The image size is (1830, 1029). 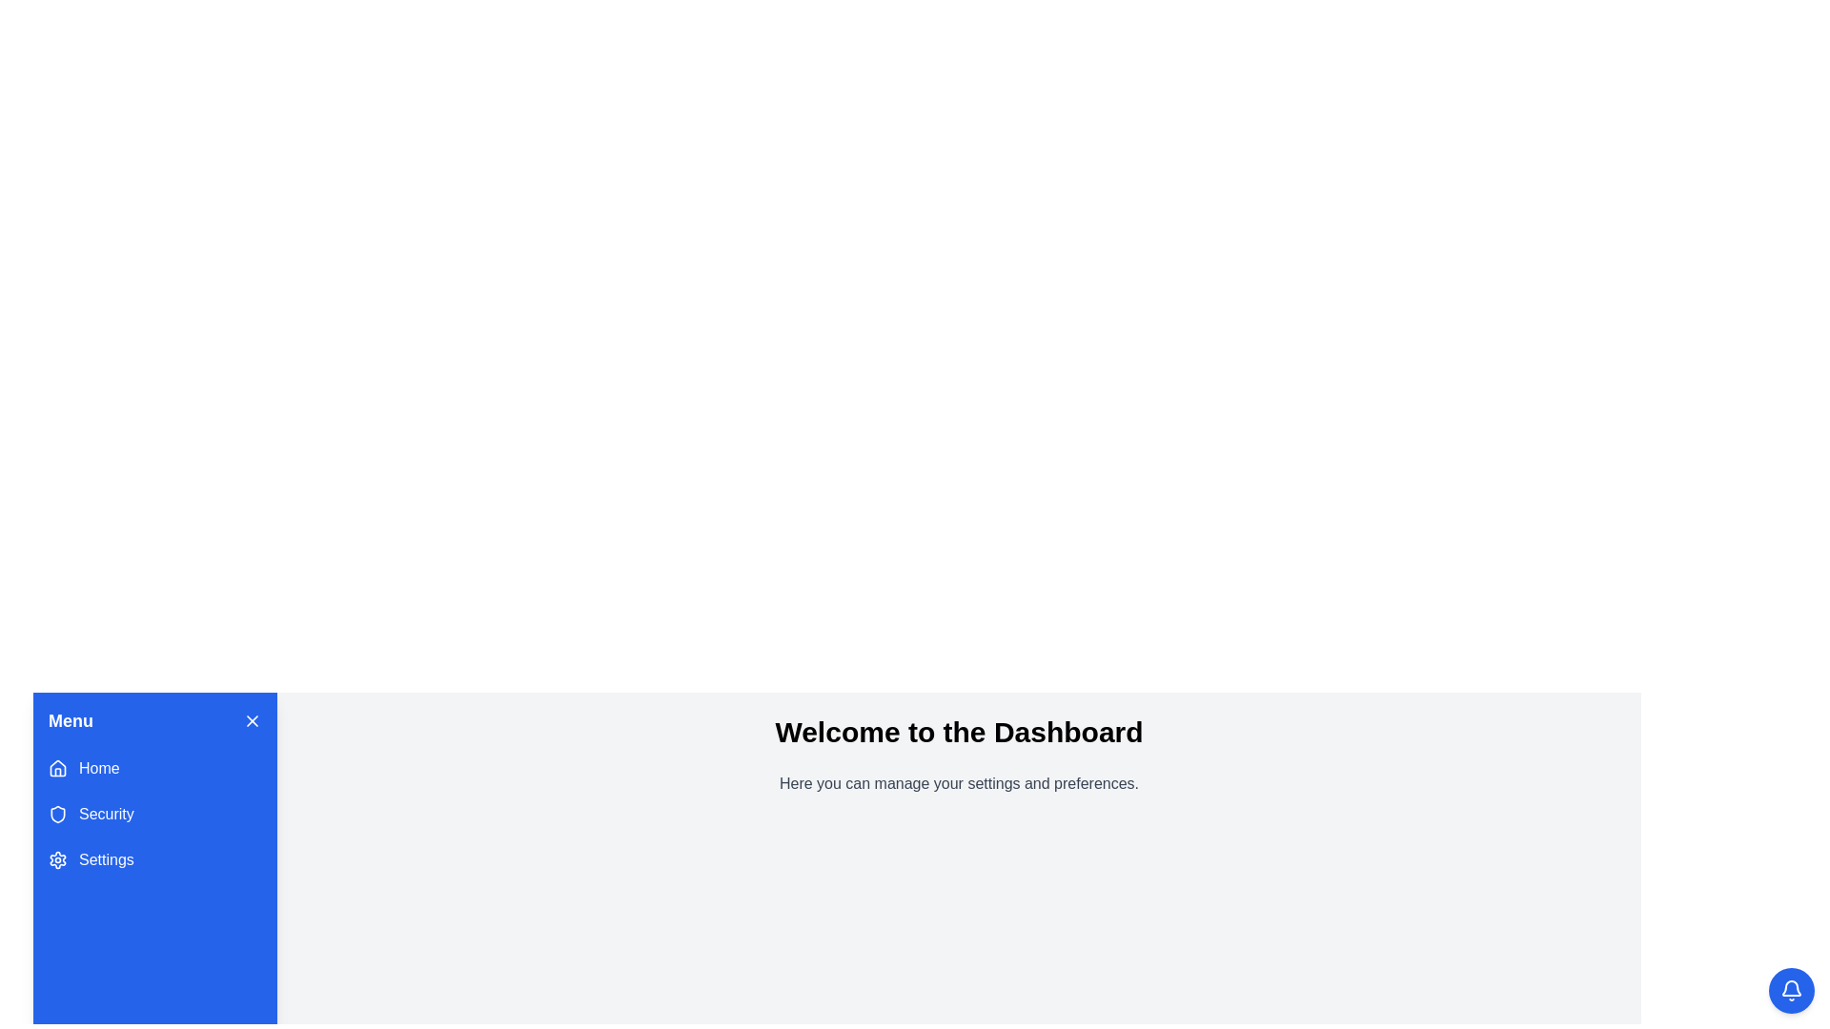 What do you see at coordinates (251, 720) in the screenshot?
I see `the close or dismiss button located` at bounding box center [251, 720].